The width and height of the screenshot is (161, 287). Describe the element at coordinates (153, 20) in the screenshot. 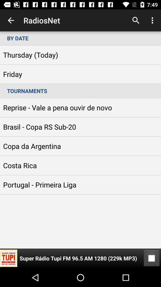

I see `menu icon in top` at that location.